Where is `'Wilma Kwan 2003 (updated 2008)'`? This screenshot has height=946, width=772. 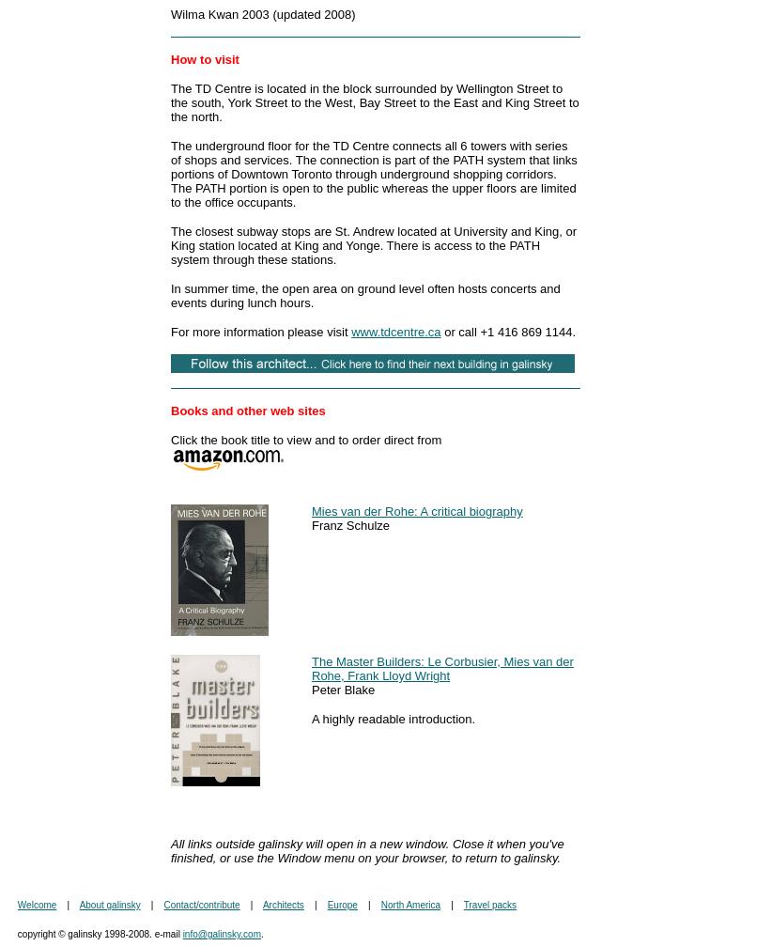
'Wilma Kwan 2003 (updated 2008)' is located at coordinates (261, 14).